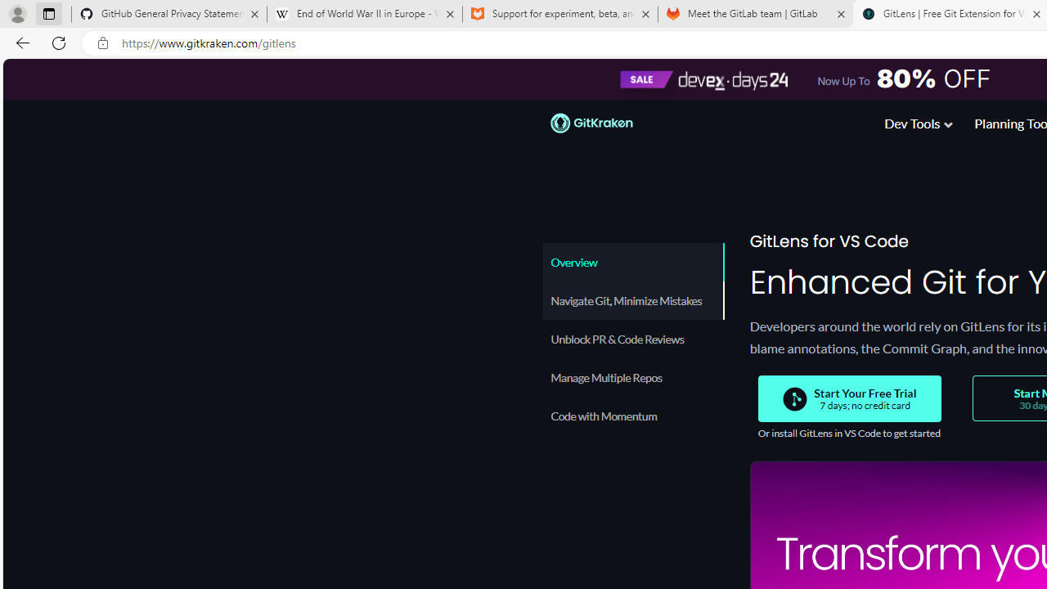 This screenshot has height=589, width=1047. What do you see at coordinates (848, 432) in the screenshot?
I see `'Or install GitLens in VS Code to get started'` at bounding box center [848, 432].